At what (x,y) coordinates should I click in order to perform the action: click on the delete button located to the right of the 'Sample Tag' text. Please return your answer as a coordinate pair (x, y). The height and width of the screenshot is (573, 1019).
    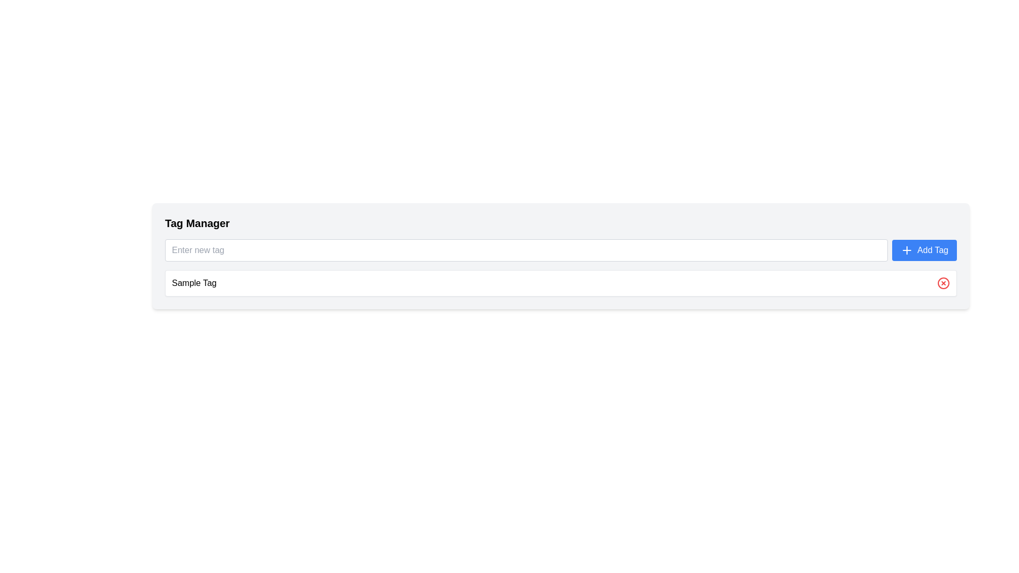
    Looking at the image, I should click on (943, 282).